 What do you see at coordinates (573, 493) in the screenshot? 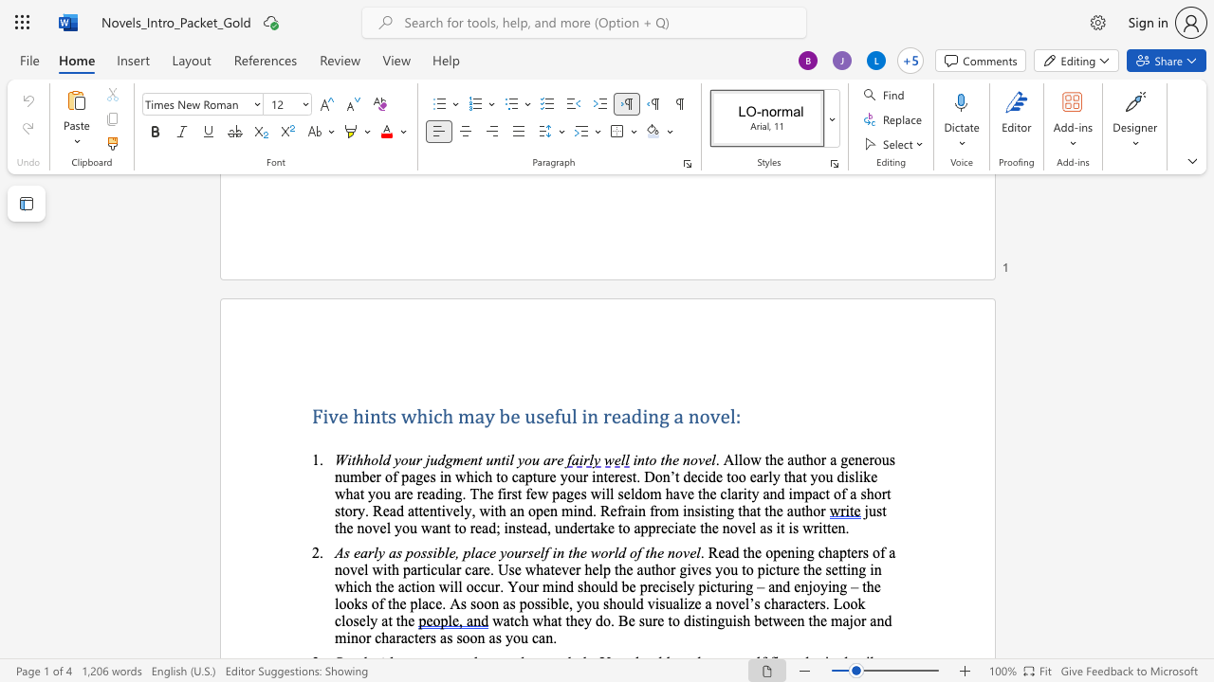
I see `the space between the continuous character "g" and "e" in the text` at bounding box center [573, 493].